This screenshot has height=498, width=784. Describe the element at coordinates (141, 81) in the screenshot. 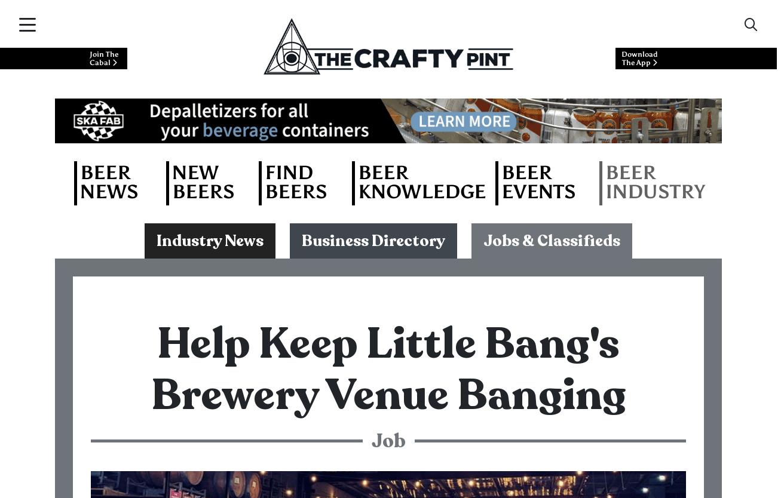

I see `'Little Bang'` at that location.